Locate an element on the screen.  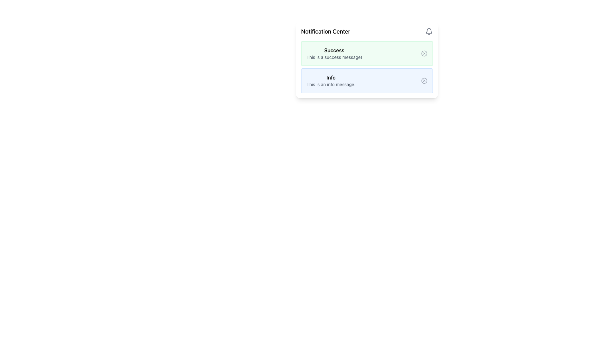
'Info' text label that is styled in bold and located at the top-left corner of the informational box, preceding the message 'This is an info message!' is located at coordinates (331, 77).